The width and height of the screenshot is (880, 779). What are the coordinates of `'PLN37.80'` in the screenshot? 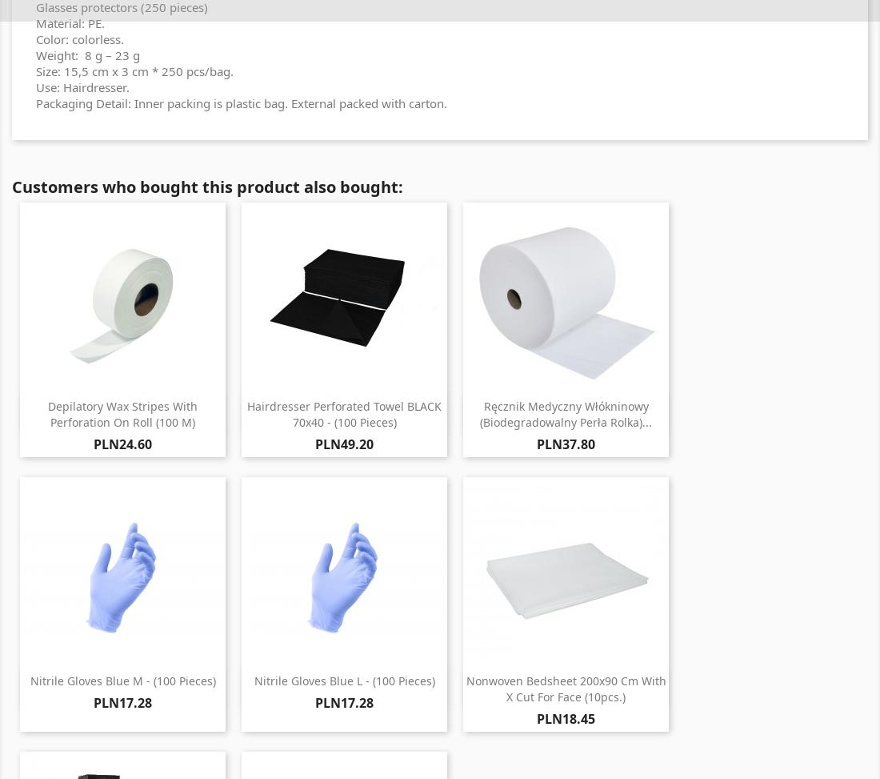 It's located at (565, 443).